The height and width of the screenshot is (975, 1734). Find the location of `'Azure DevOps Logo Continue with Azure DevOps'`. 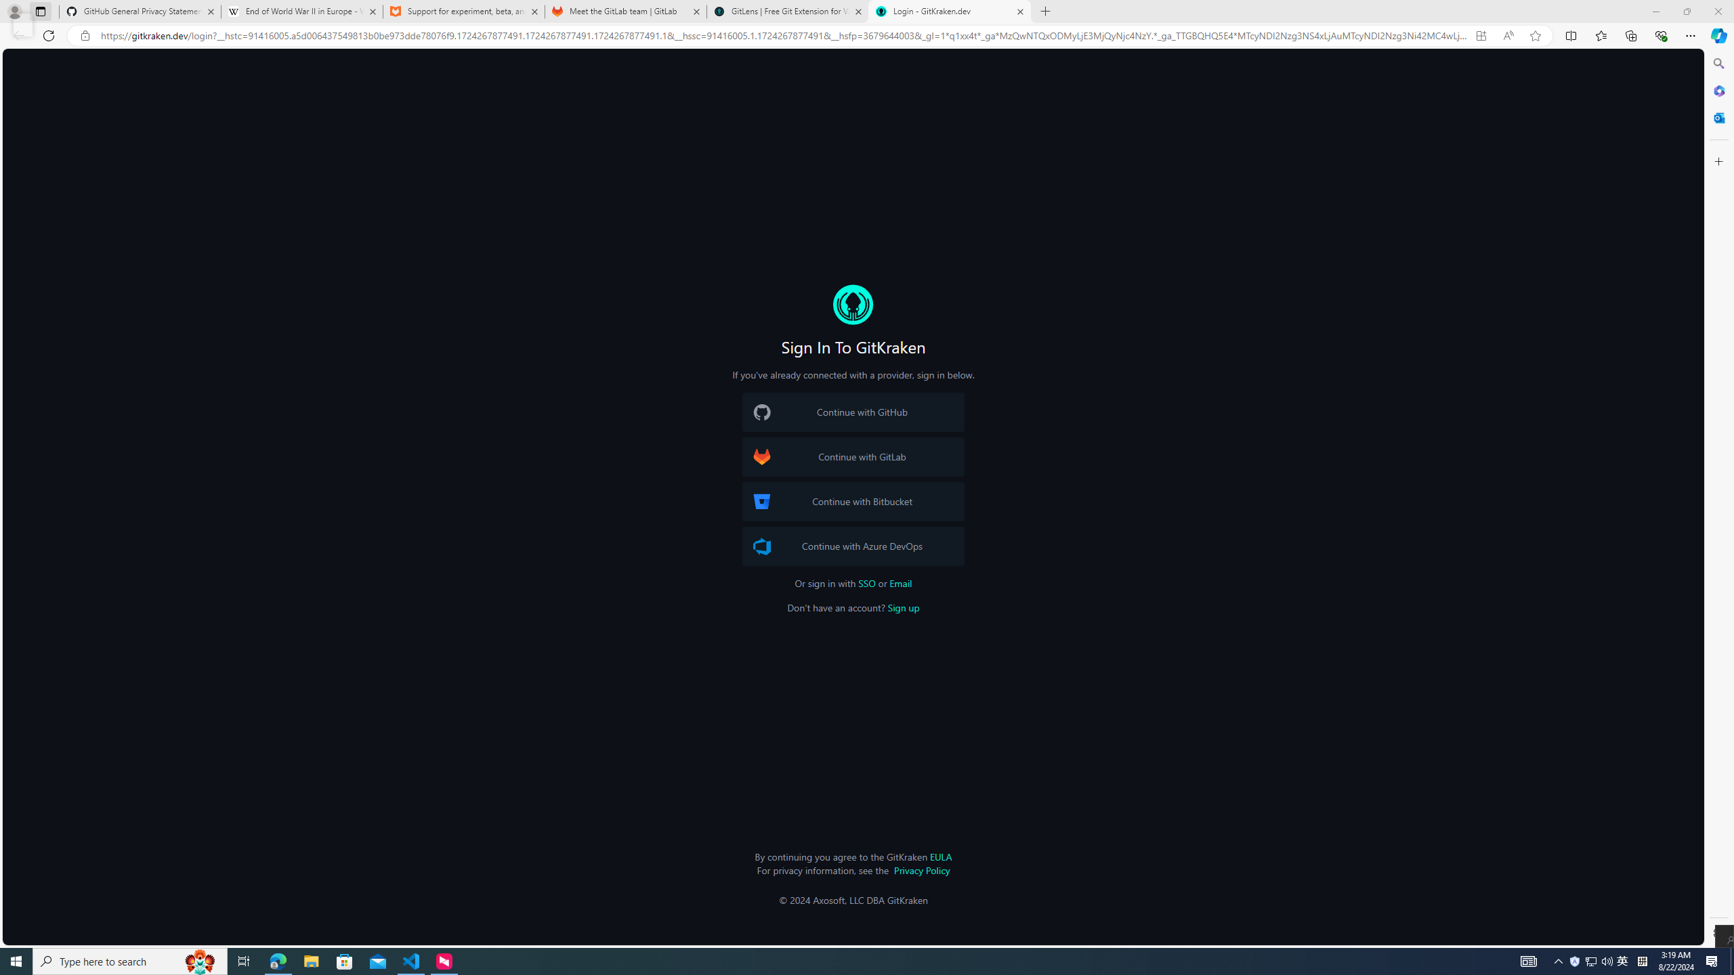

'Azure DevOps Logo Continue with Azure DevOps' is located at coordinates (853, 546).